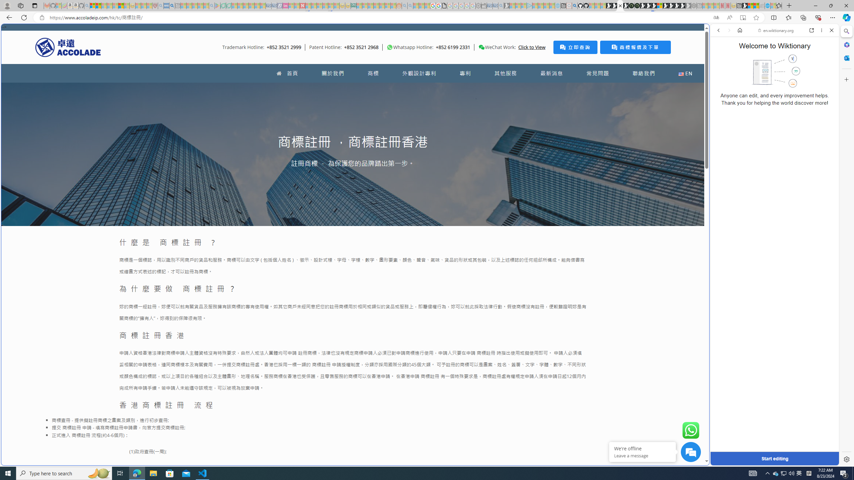  What do you see at coordinates (751, 5) in the screenshot?
I see `'World - MSN'` at bounding box center [751, 5].